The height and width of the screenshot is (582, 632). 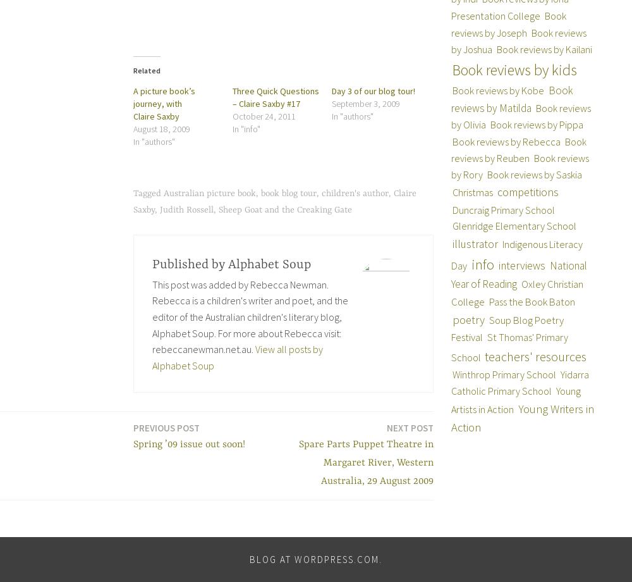 I want to click on 'Book reviews by Rory', so click(x=519, y=166).